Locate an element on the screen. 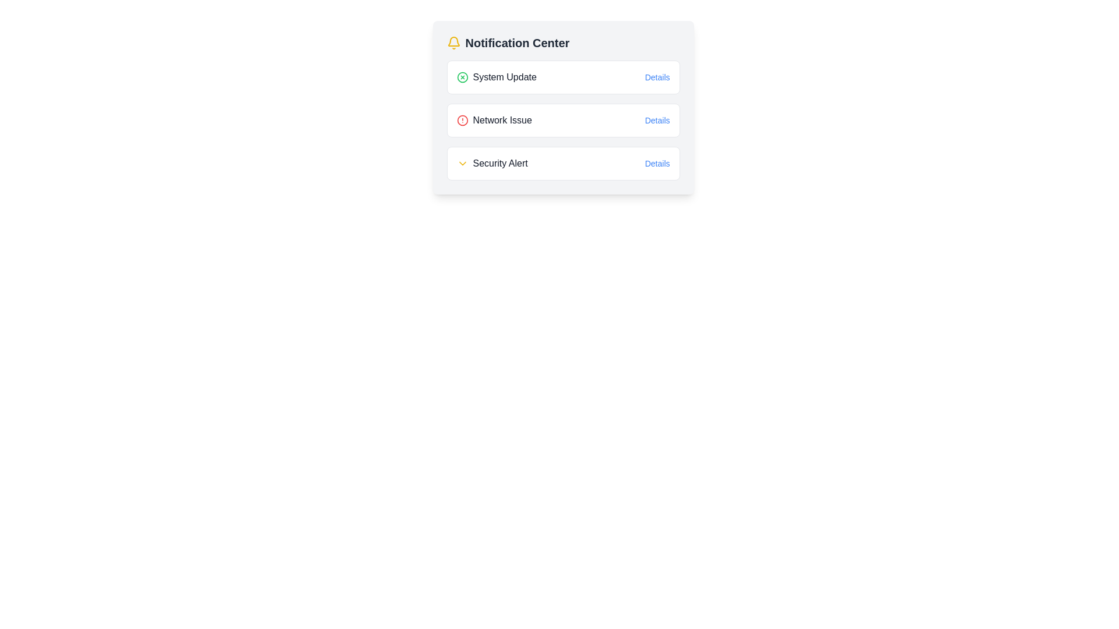  the 'Security Alert' text label, which is the third item in the vertically stacked list of notifications in the Notification Center, located near the 'Details' label and an icon is located at coordinates (500, 164).